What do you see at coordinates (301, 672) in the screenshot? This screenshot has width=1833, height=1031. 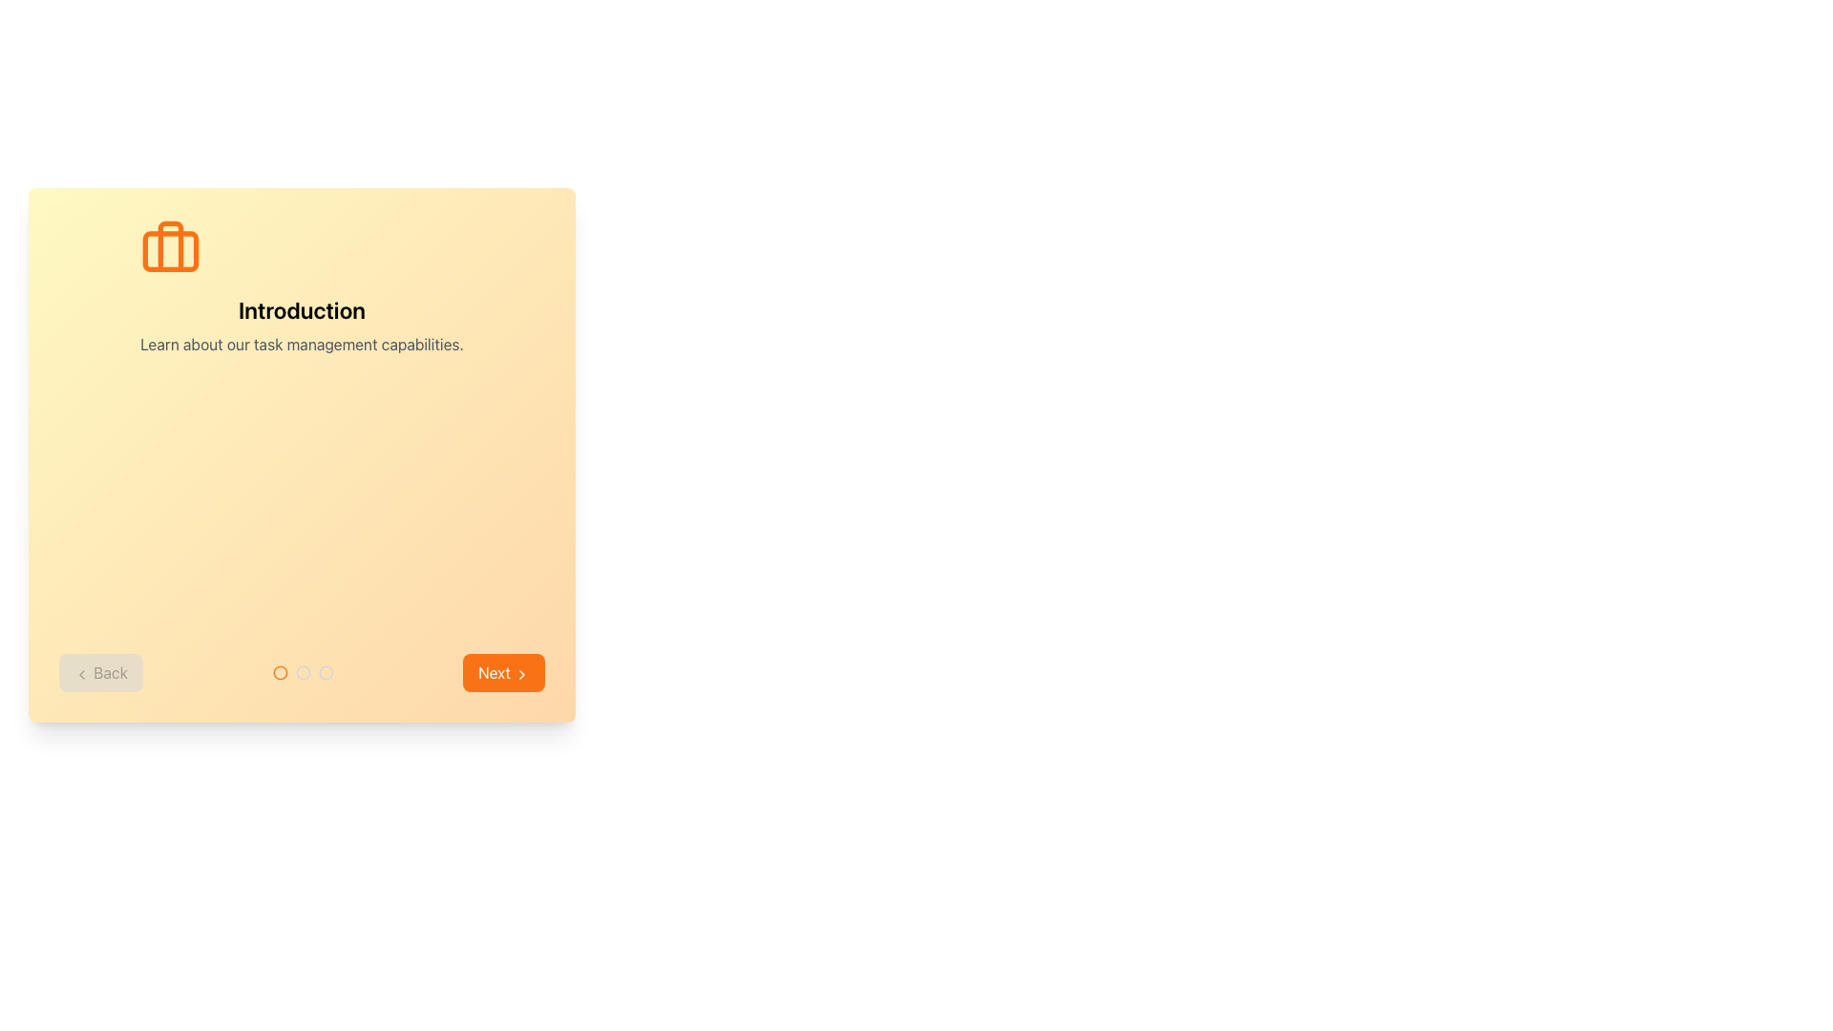 I see `the centered navigation dot in the navigation controls group at the bottom of the card interface to jump to a specific section` at bounding box center [301, 672].